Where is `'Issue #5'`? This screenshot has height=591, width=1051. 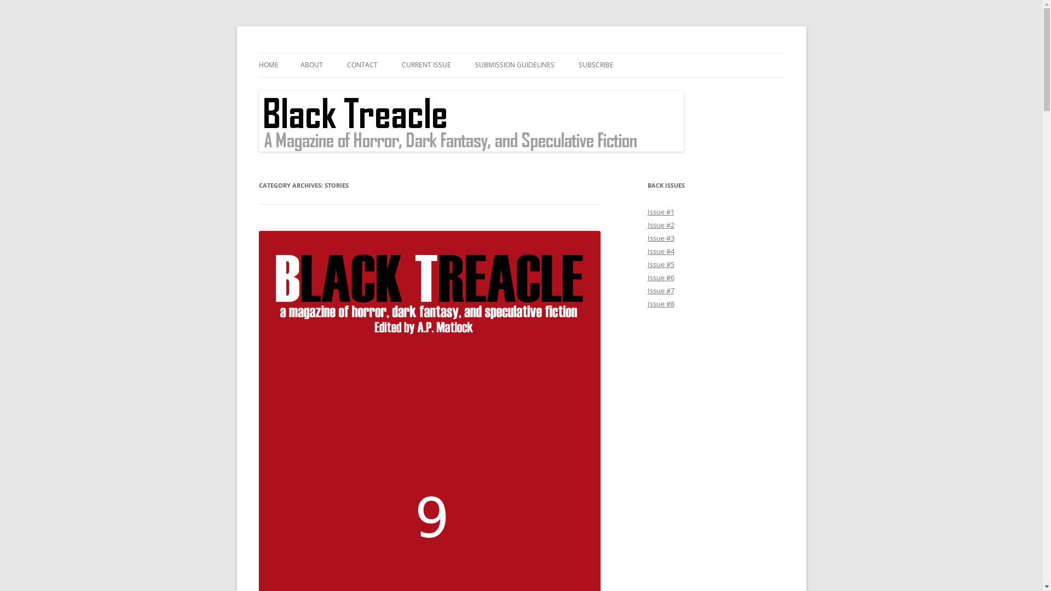 'Issue #5' is located at coordinates (660, 264).